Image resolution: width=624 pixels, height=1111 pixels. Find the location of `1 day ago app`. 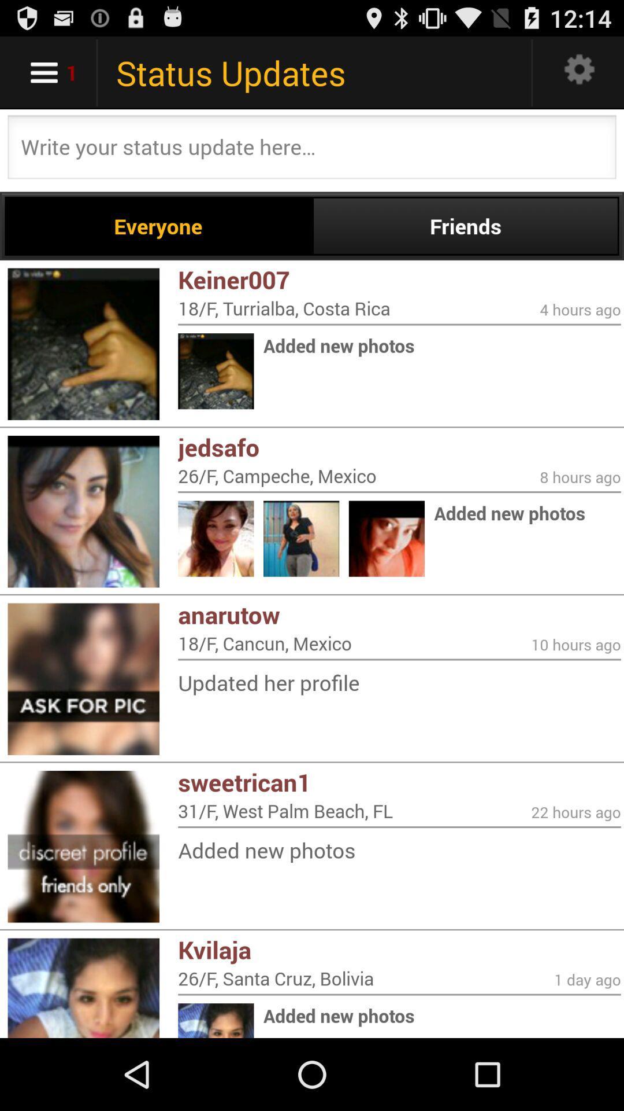

1 day ago app is located at coordinates (588, 979).